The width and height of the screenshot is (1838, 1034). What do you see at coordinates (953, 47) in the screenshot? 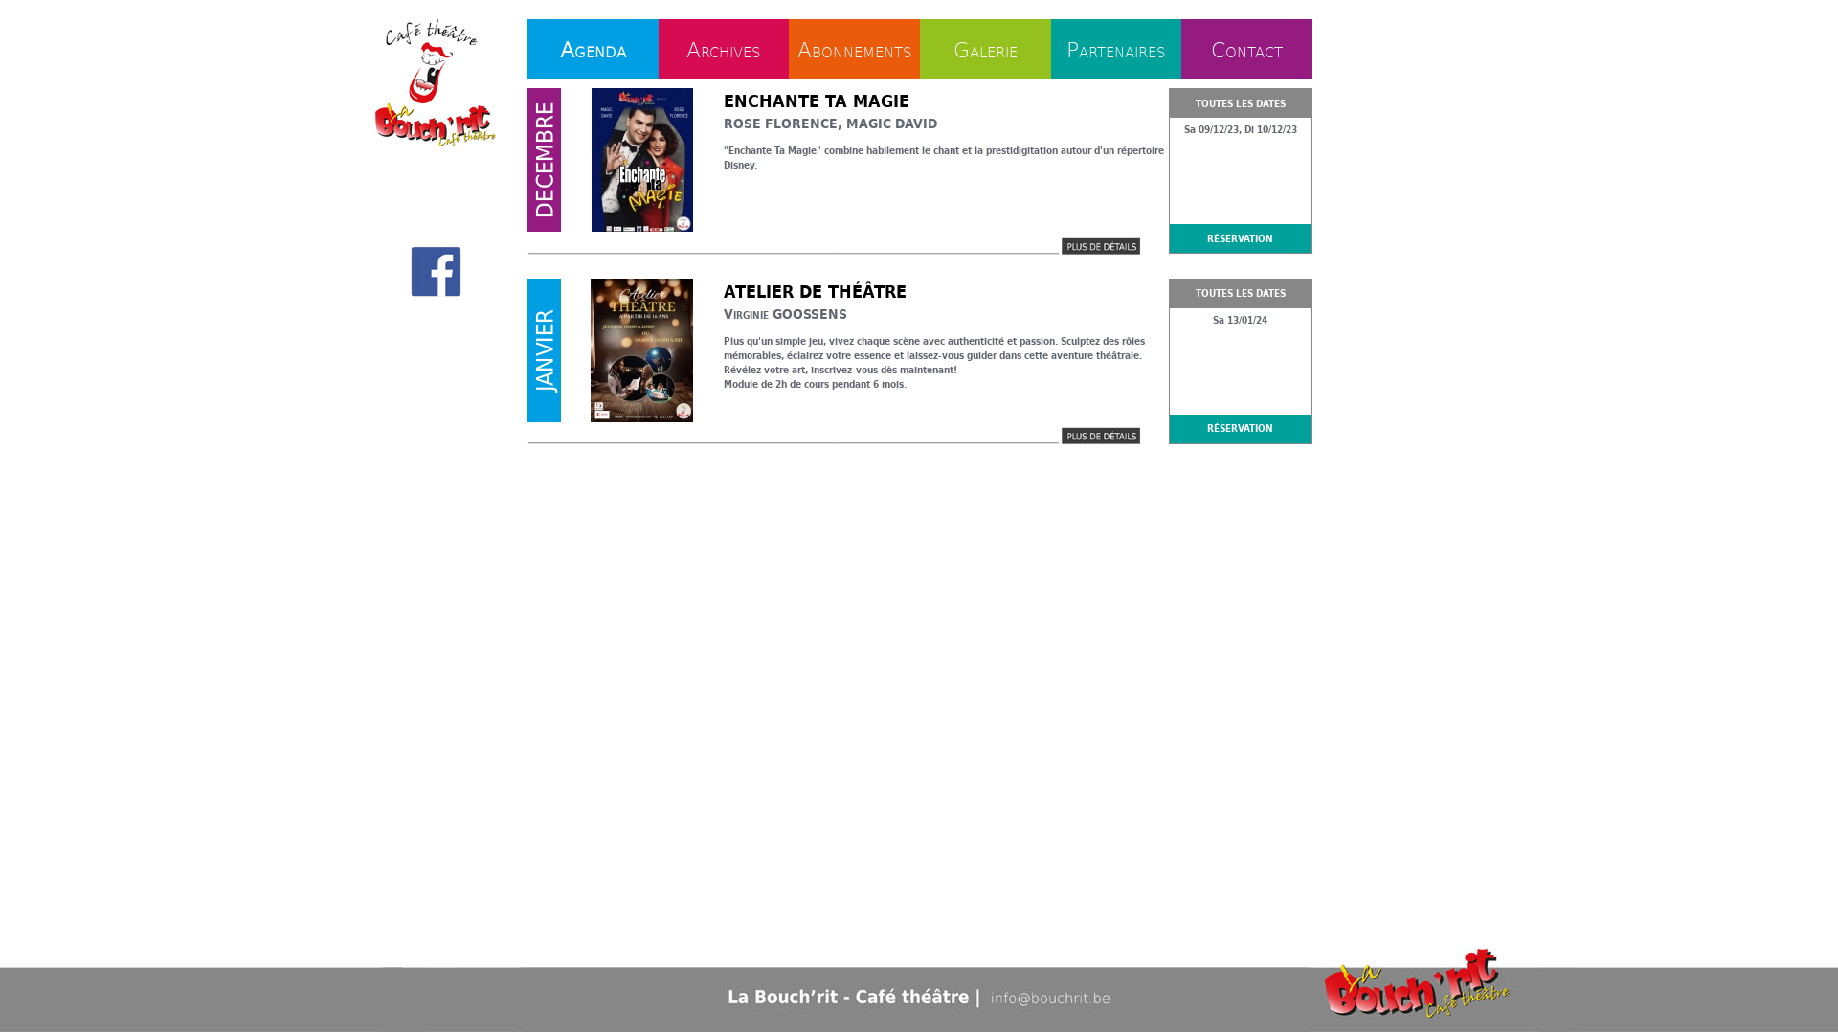
I see `'Galerie'` at bounding box center [953, 47].